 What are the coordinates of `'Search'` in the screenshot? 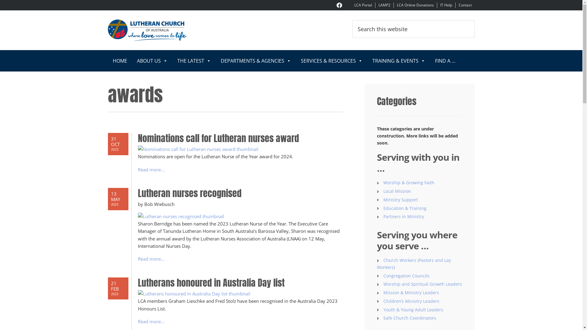 It's located at (474, 20).